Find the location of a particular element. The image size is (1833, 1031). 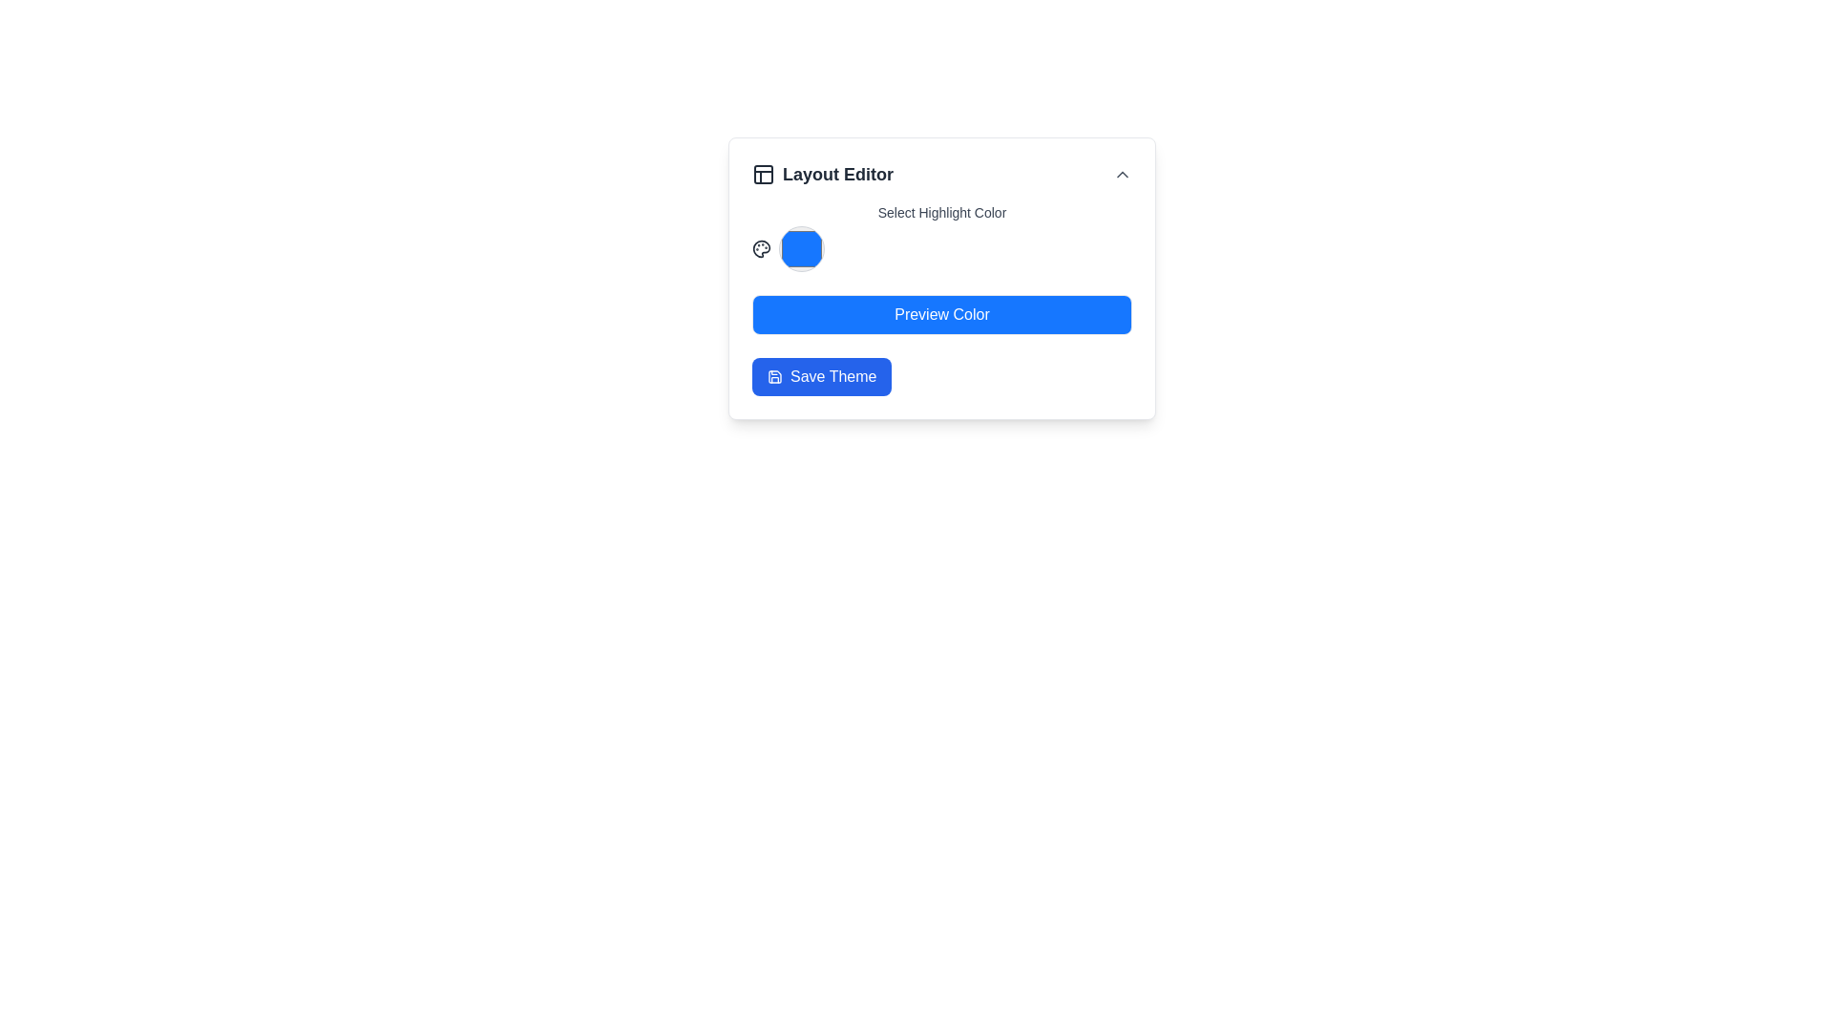

the 'Layout Editor' text element which displays a bold header with an accompanying panel layout icon on the left is located at coordinates (823, 174).